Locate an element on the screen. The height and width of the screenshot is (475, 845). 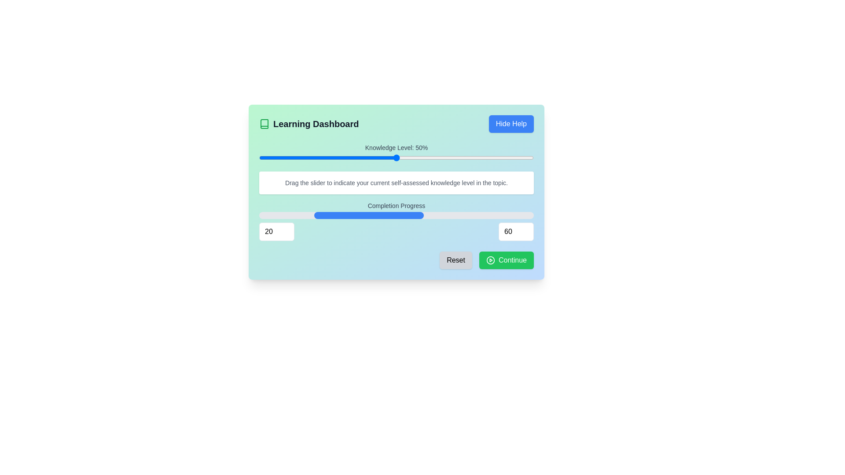
the 'play' symbol icon located at the bottom-right corner of the 'Continue' button, which indicates that an action will commence upon clicking the button is located at coordinates (490, 259).